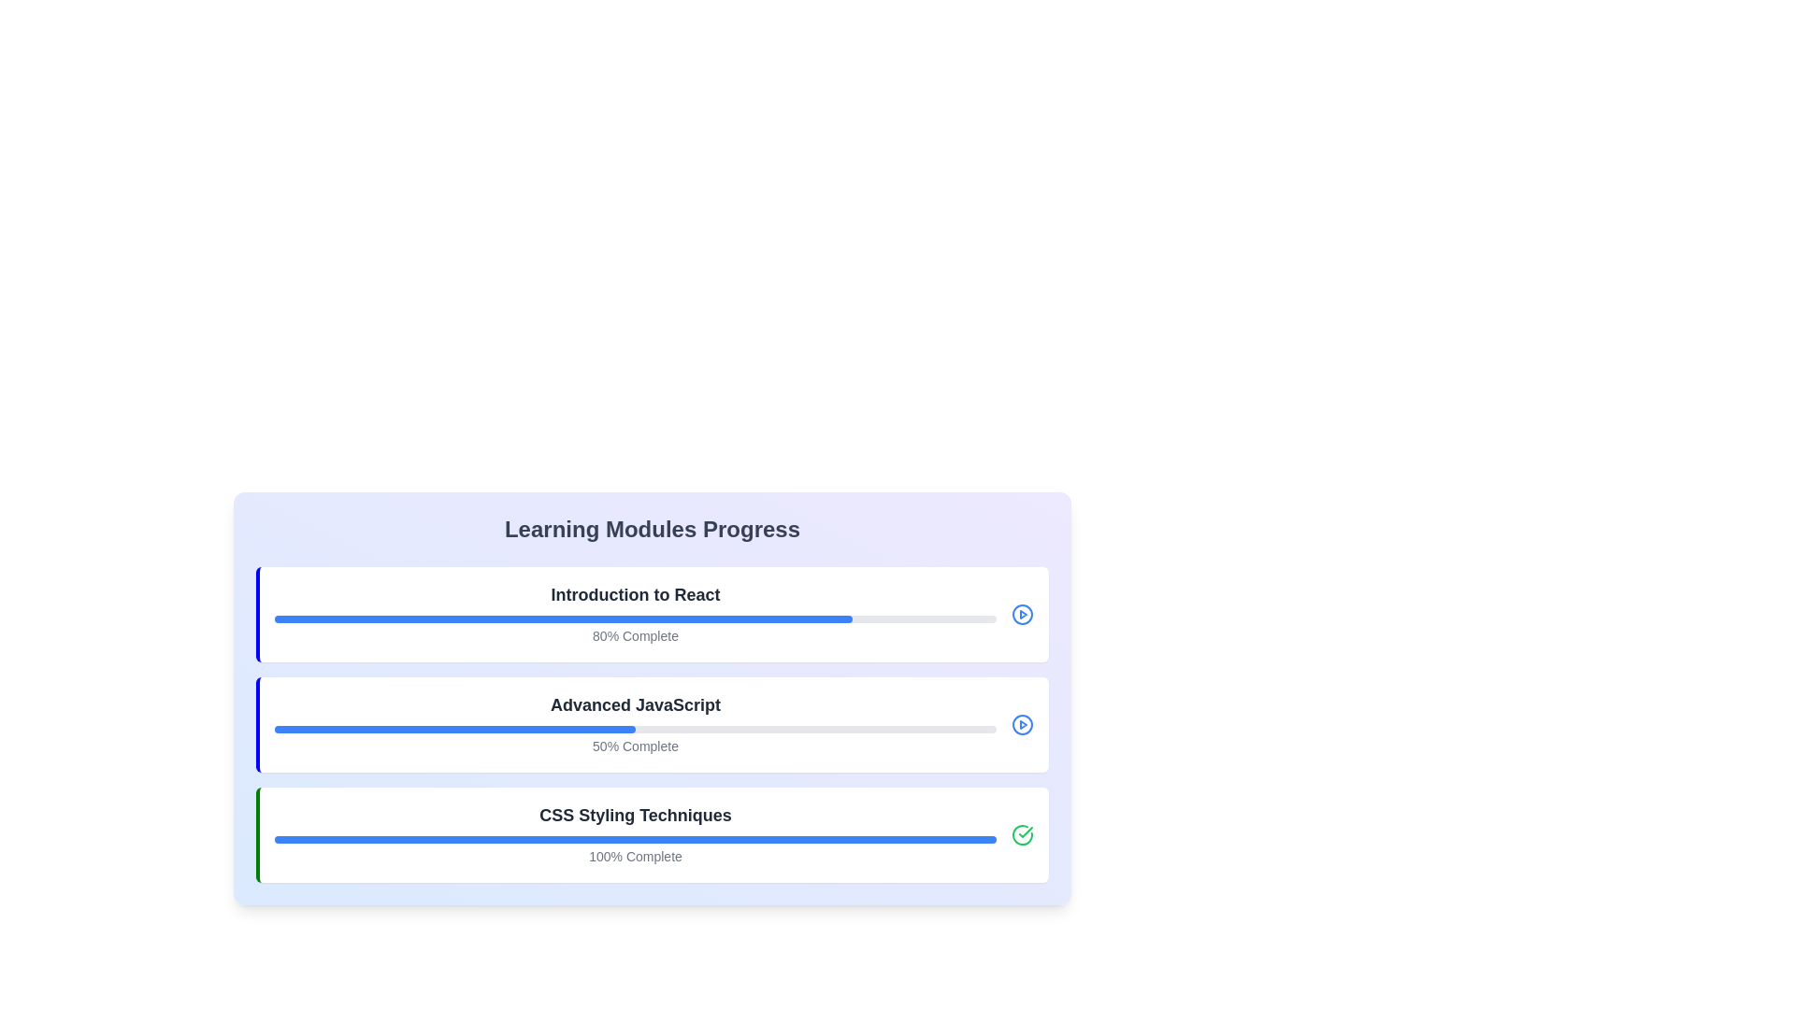 The image size is (1795, 1009). What do you see at coordinates (636, 615) in the screenshot?
I see `progress percentage displayed on the progress bar for the 'Introduction to React' module, which is the first progress tracker under 'Learning Modules Progress'` at bounding box center [636, 615].